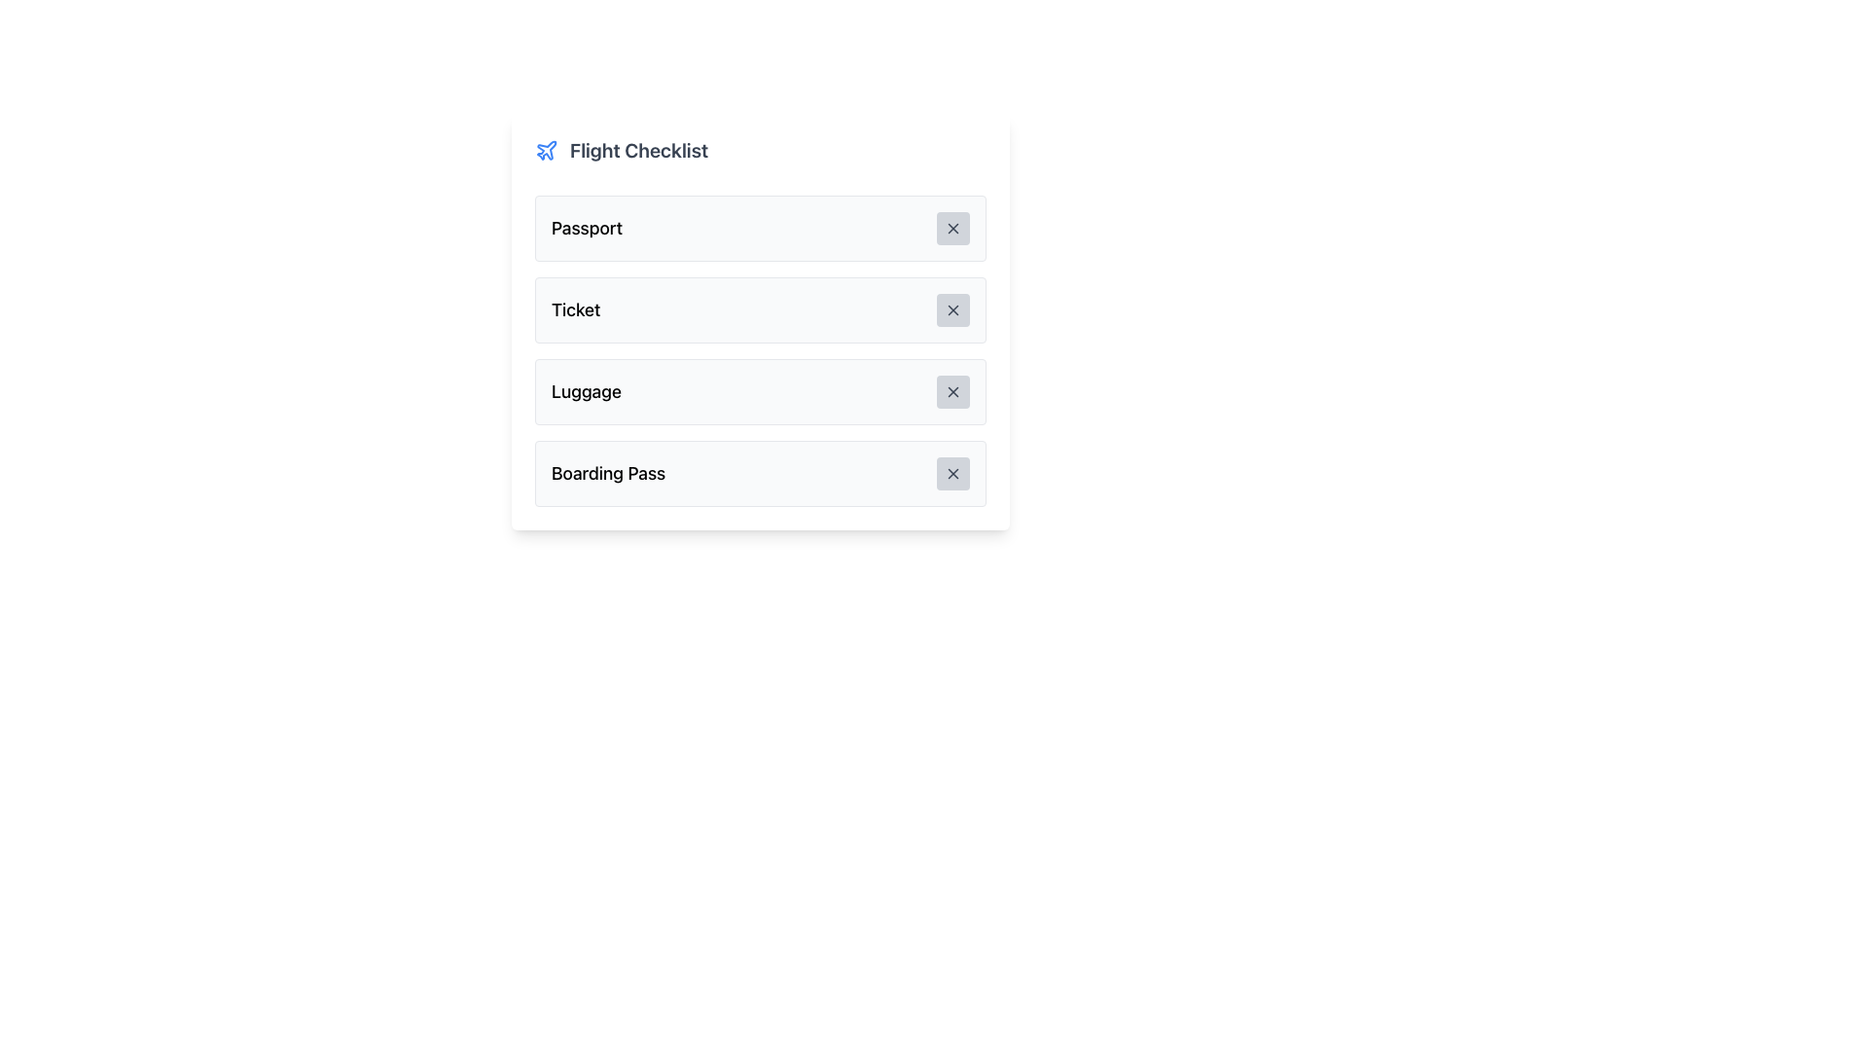 This screenshot has height=1051, width=1868. What do you see at coordinates (952, 309) in the screenshot?
I see `the interactive button with an 'X' icon located to the right of the 'Ticket' label` at bounding box center [952, 309].